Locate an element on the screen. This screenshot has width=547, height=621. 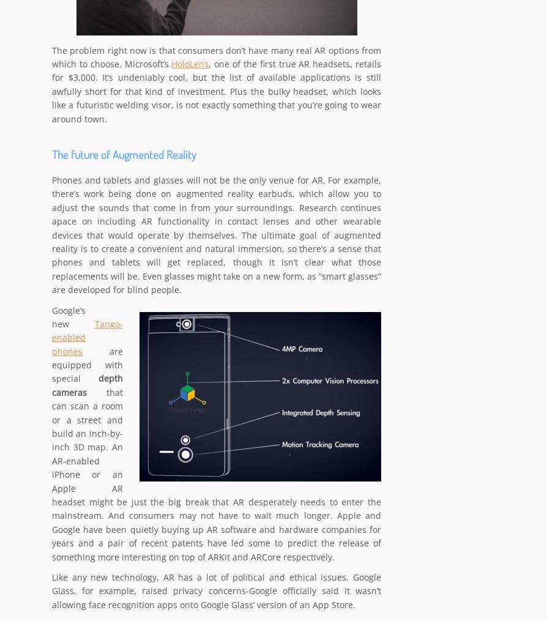
'depth cameras' is located at coordinates (52, 385).